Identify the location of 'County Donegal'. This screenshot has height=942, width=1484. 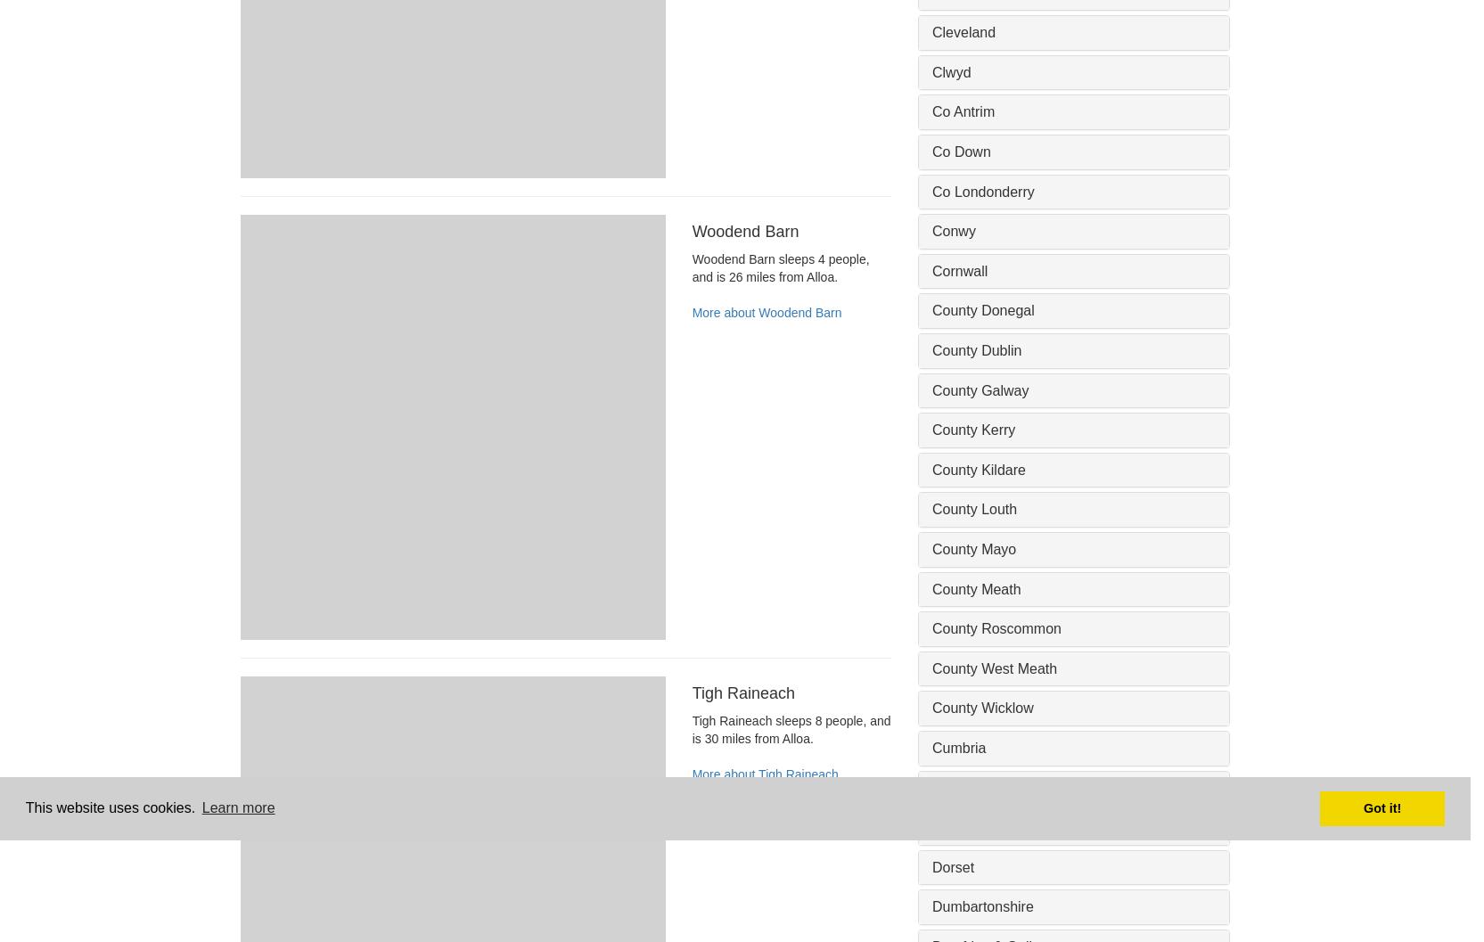
(983, 310).